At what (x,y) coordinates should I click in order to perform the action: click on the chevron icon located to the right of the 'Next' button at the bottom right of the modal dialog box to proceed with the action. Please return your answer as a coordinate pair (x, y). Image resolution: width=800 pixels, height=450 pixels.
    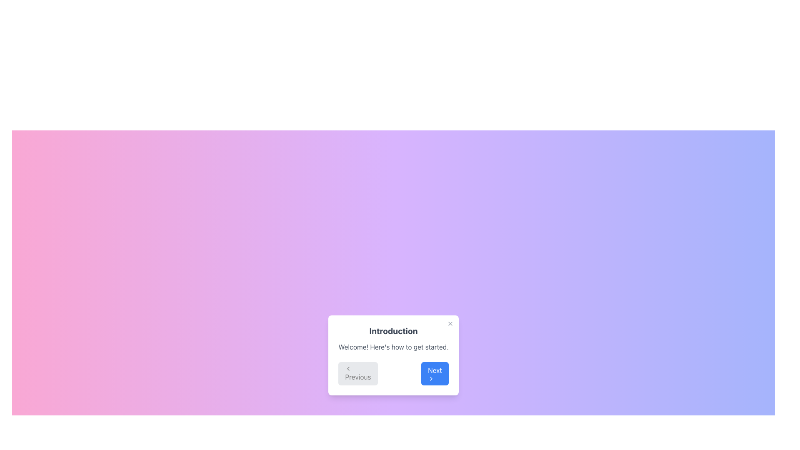
    Looking at the image, I should click on (431, 379).